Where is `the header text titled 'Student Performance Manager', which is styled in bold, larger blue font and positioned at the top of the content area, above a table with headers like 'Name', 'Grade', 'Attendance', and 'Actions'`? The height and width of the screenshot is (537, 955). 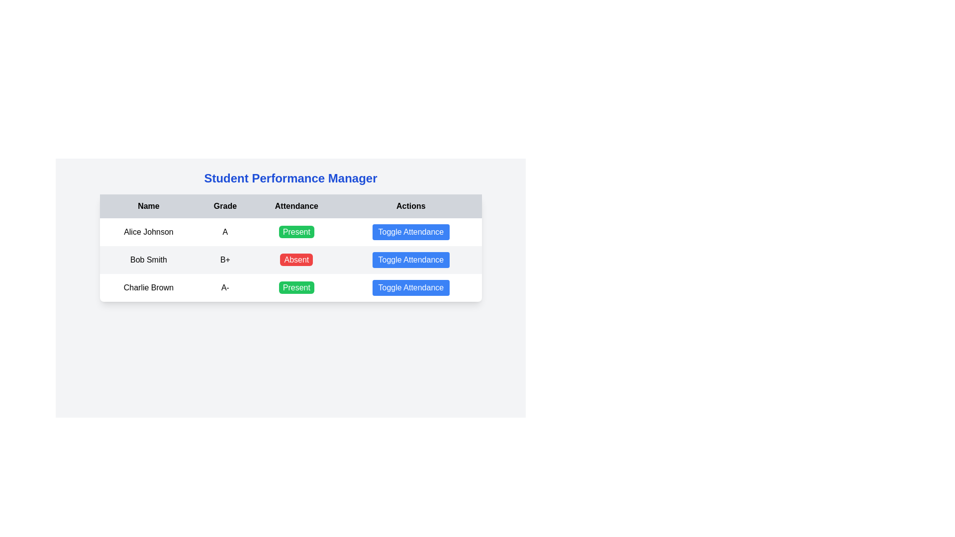
the header text titled 'Student Performance Manager', which is styled in bold, larger blue font and positioned at the top of the content area, above a table with headers like 'Name', 'Grade', 'Attendance', and 'Actions' is located at coordinates (290, 178).